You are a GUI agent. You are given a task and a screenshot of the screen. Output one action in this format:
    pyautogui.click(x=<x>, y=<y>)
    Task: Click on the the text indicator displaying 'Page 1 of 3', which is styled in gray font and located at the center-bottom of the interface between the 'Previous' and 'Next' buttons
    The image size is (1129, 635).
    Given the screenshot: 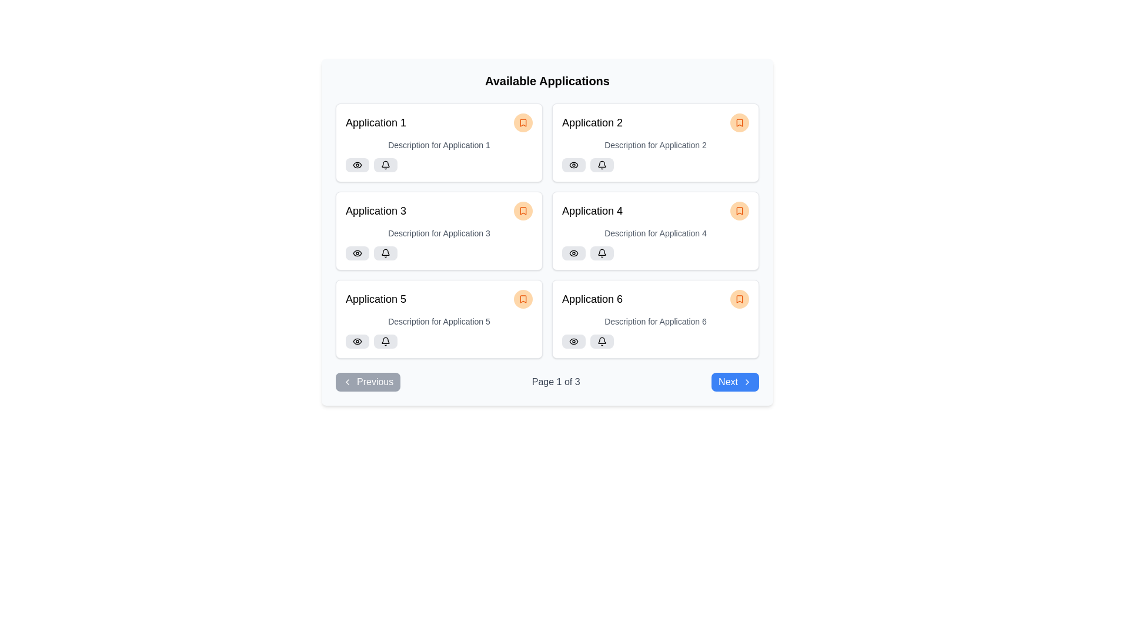 What is the action you would take?
    pyautogui.click(x=555, y=382)
    